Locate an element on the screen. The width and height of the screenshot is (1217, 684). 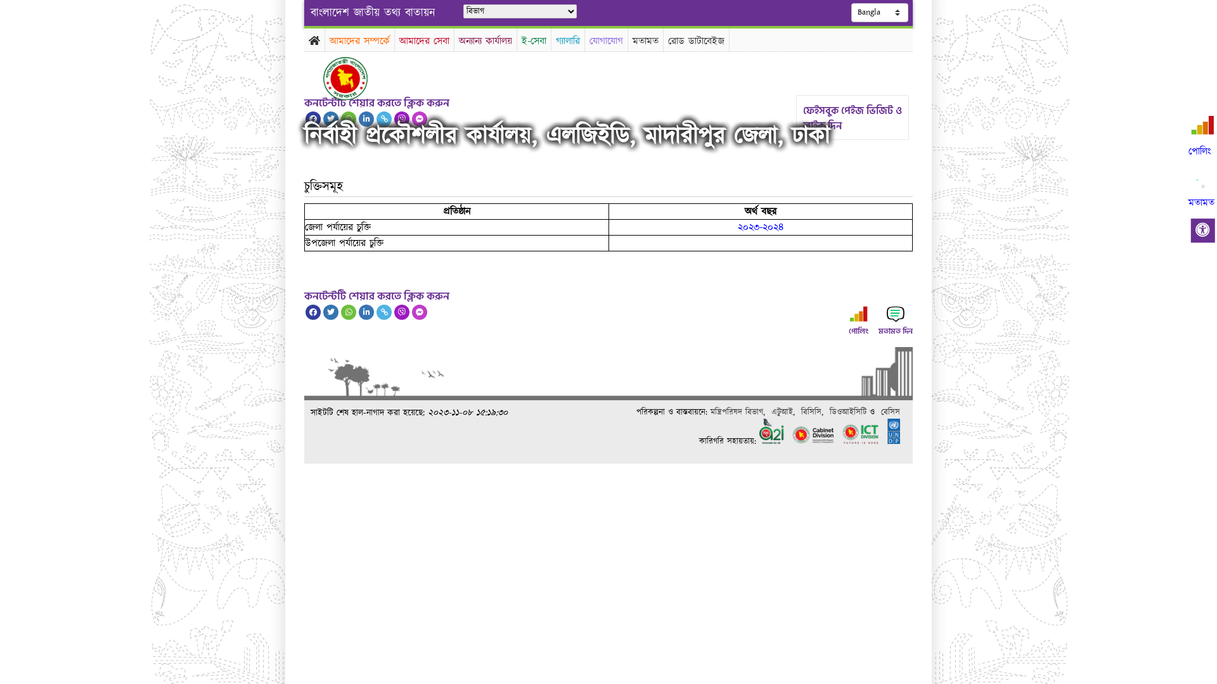
' is located at coordinates (356, 78).